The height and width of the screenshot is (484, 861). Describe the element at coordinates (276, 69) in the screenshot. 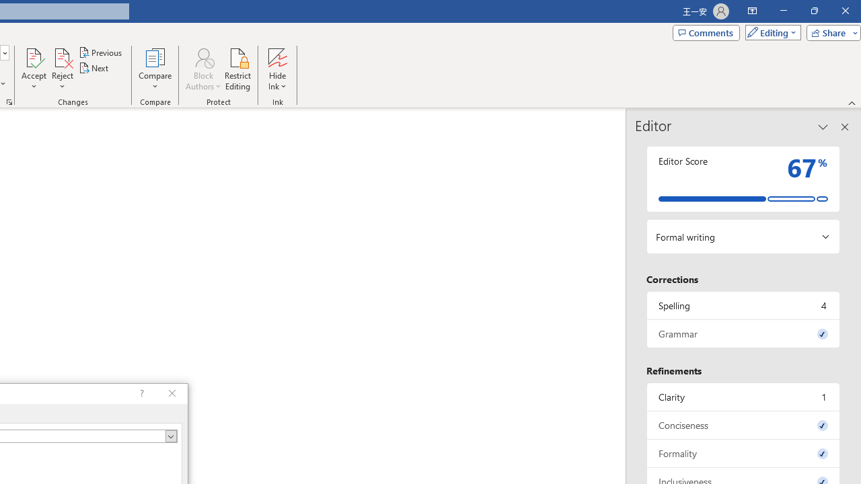

I see `'Hide Ink'` at that location.